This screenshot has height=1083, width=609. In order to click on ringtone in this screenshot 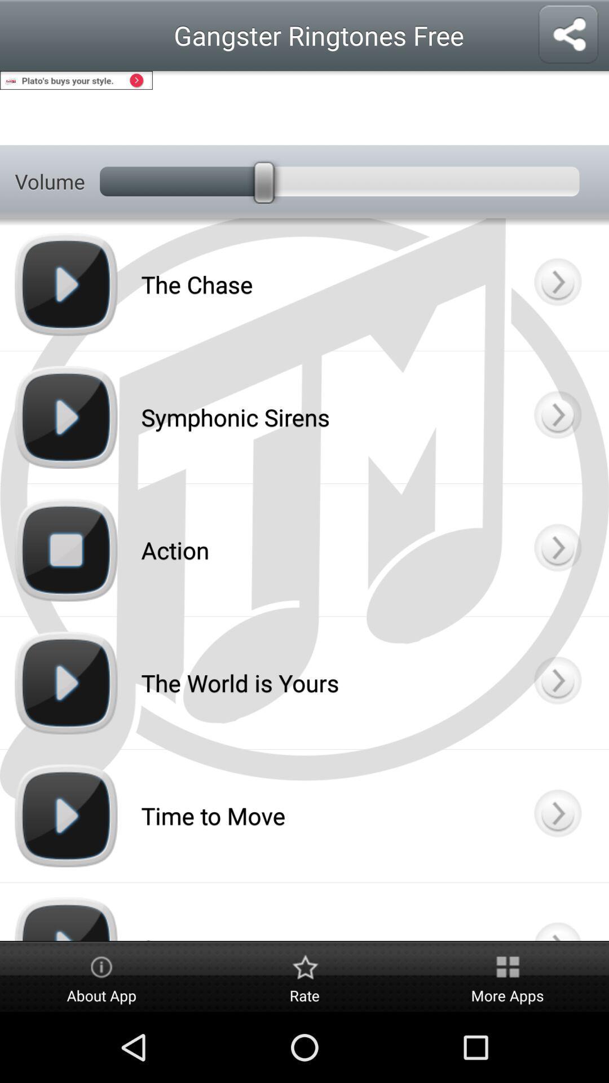, I will do `click(557, 416)`.